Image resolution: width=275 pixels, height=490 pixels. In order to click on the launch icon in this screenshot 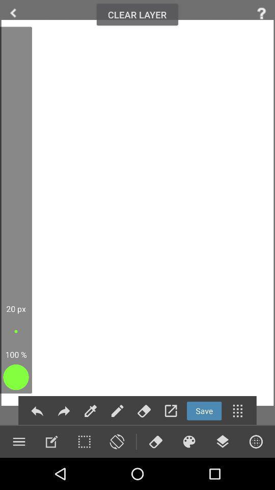, I will do `click(171, 411)`.